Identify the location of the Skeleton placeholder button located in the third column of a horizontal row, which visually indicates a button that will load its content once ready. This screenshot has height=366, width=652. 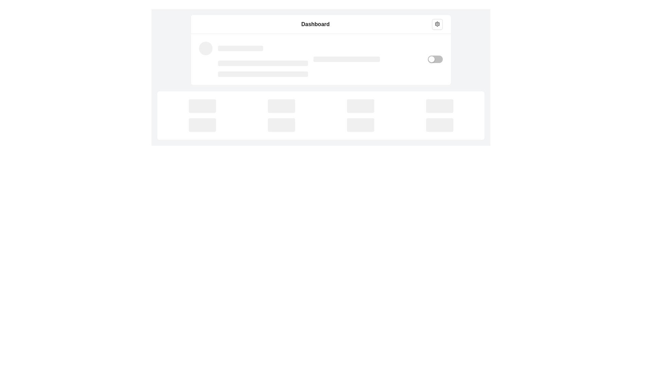
(360, 125).